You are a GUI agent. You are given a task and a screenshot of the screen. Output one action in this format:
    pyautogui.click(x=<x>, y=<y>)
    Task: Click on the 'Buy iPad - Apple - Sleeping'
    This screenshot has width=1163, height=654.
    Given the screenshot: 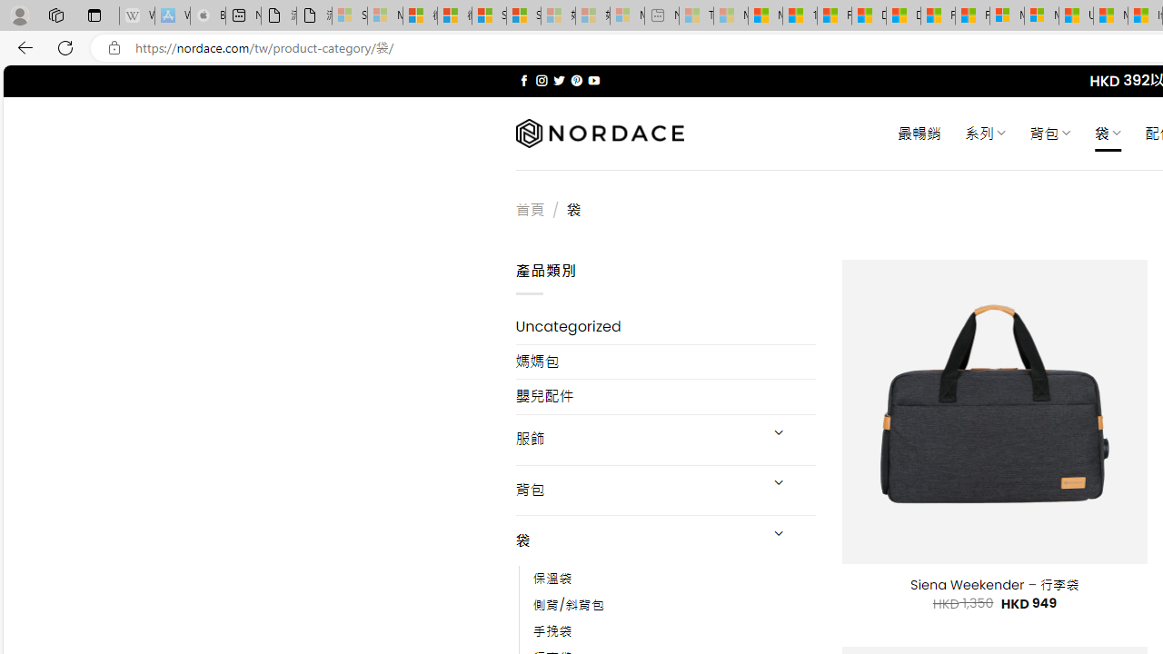 What is the action you would take?
    pyautogui.click(x=208, y=15)
    